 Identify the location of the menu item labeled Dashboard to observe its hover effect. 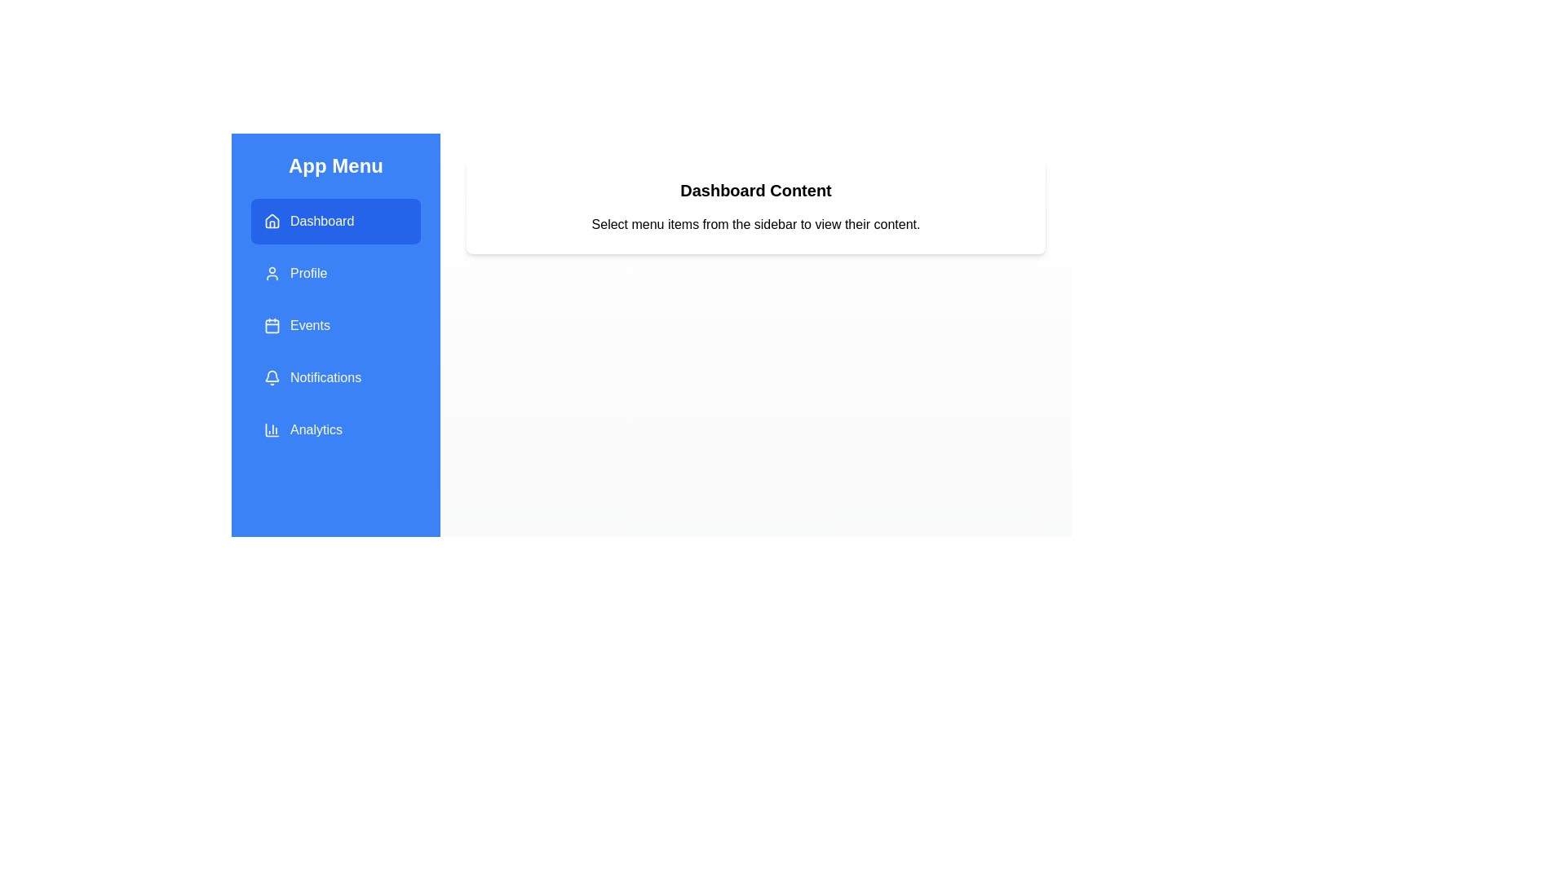
(335, 222).